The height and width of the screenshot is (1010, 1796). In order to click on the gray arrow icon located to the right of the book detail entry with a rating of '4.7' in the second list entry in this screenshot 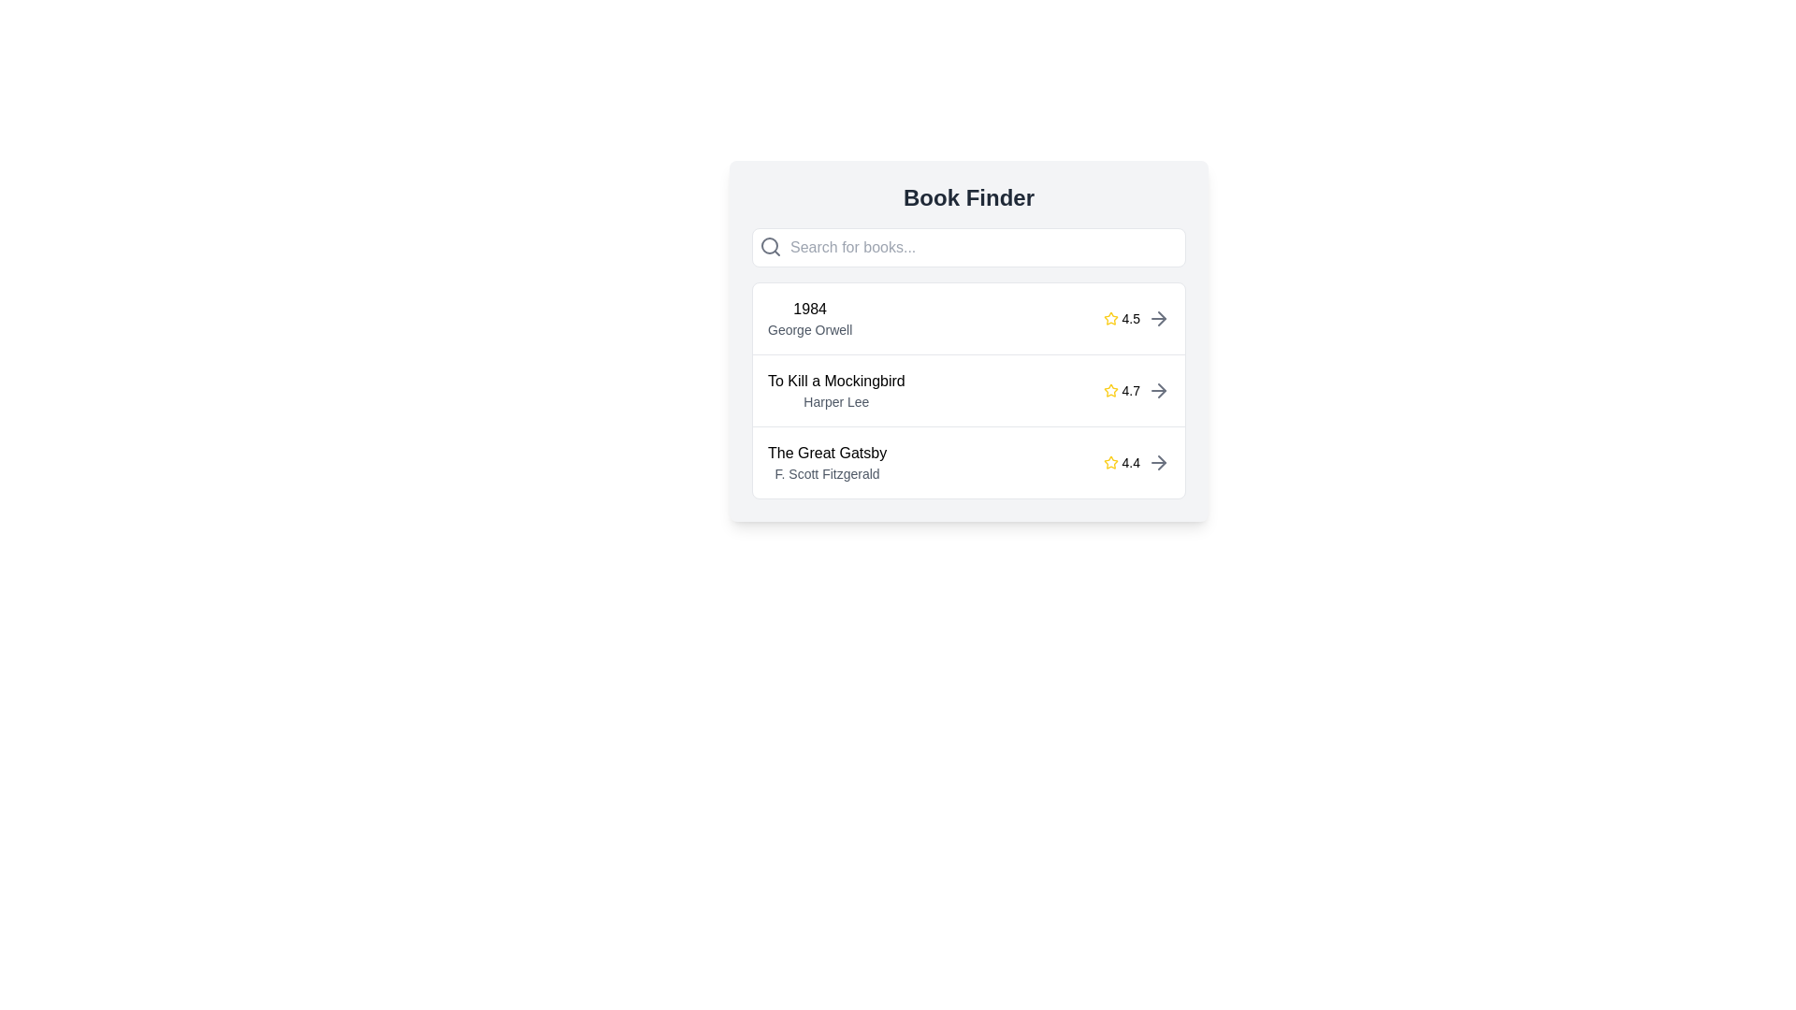, I will do `click(1157, 389)`.